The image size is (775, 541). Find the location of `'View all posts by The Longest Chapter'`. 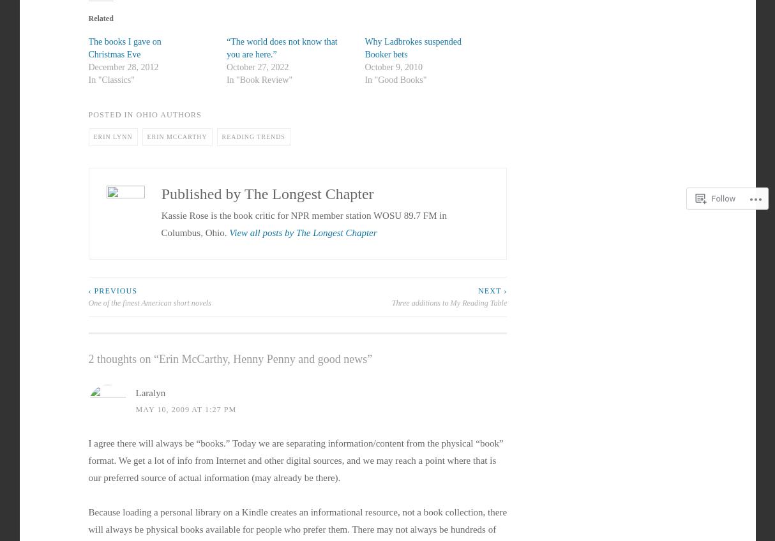

'View all posts by The Longest Chapter' is located at coordinates (303, 232).